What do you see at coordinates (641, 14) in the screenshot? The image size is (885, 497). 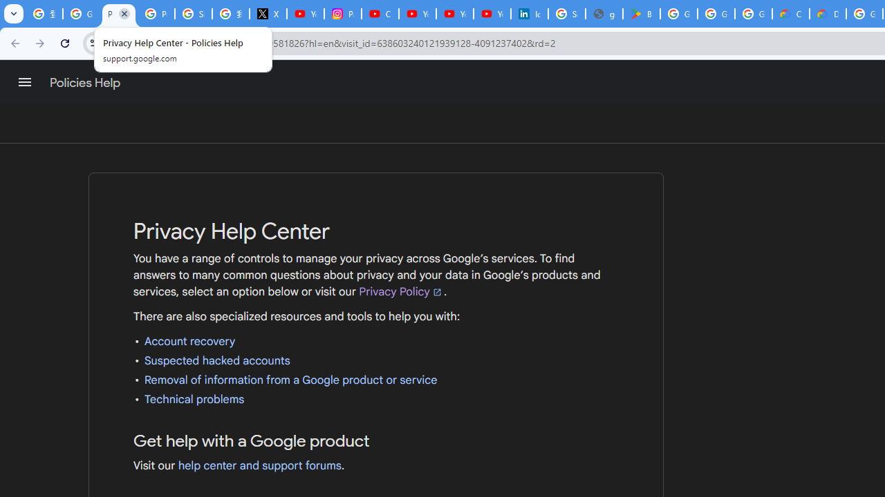 I see `'Bluey: Let'` at bounding box center [641, 14].